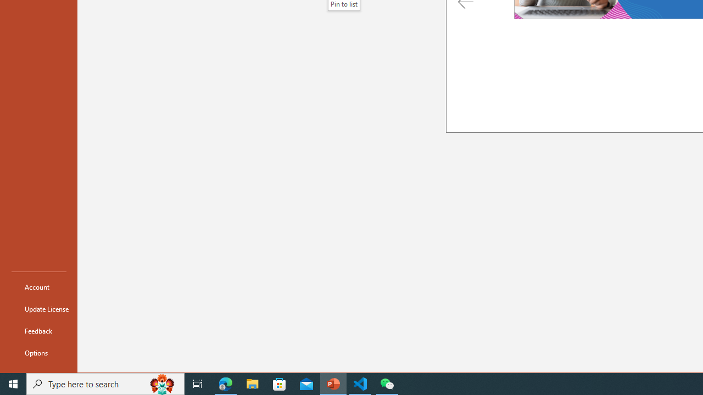 The width and height of the screenshot is (703, 395). What do you see at coordinates (39, 286) in the screenshot?
I see `'Account'` at bounding box center [39, 286].